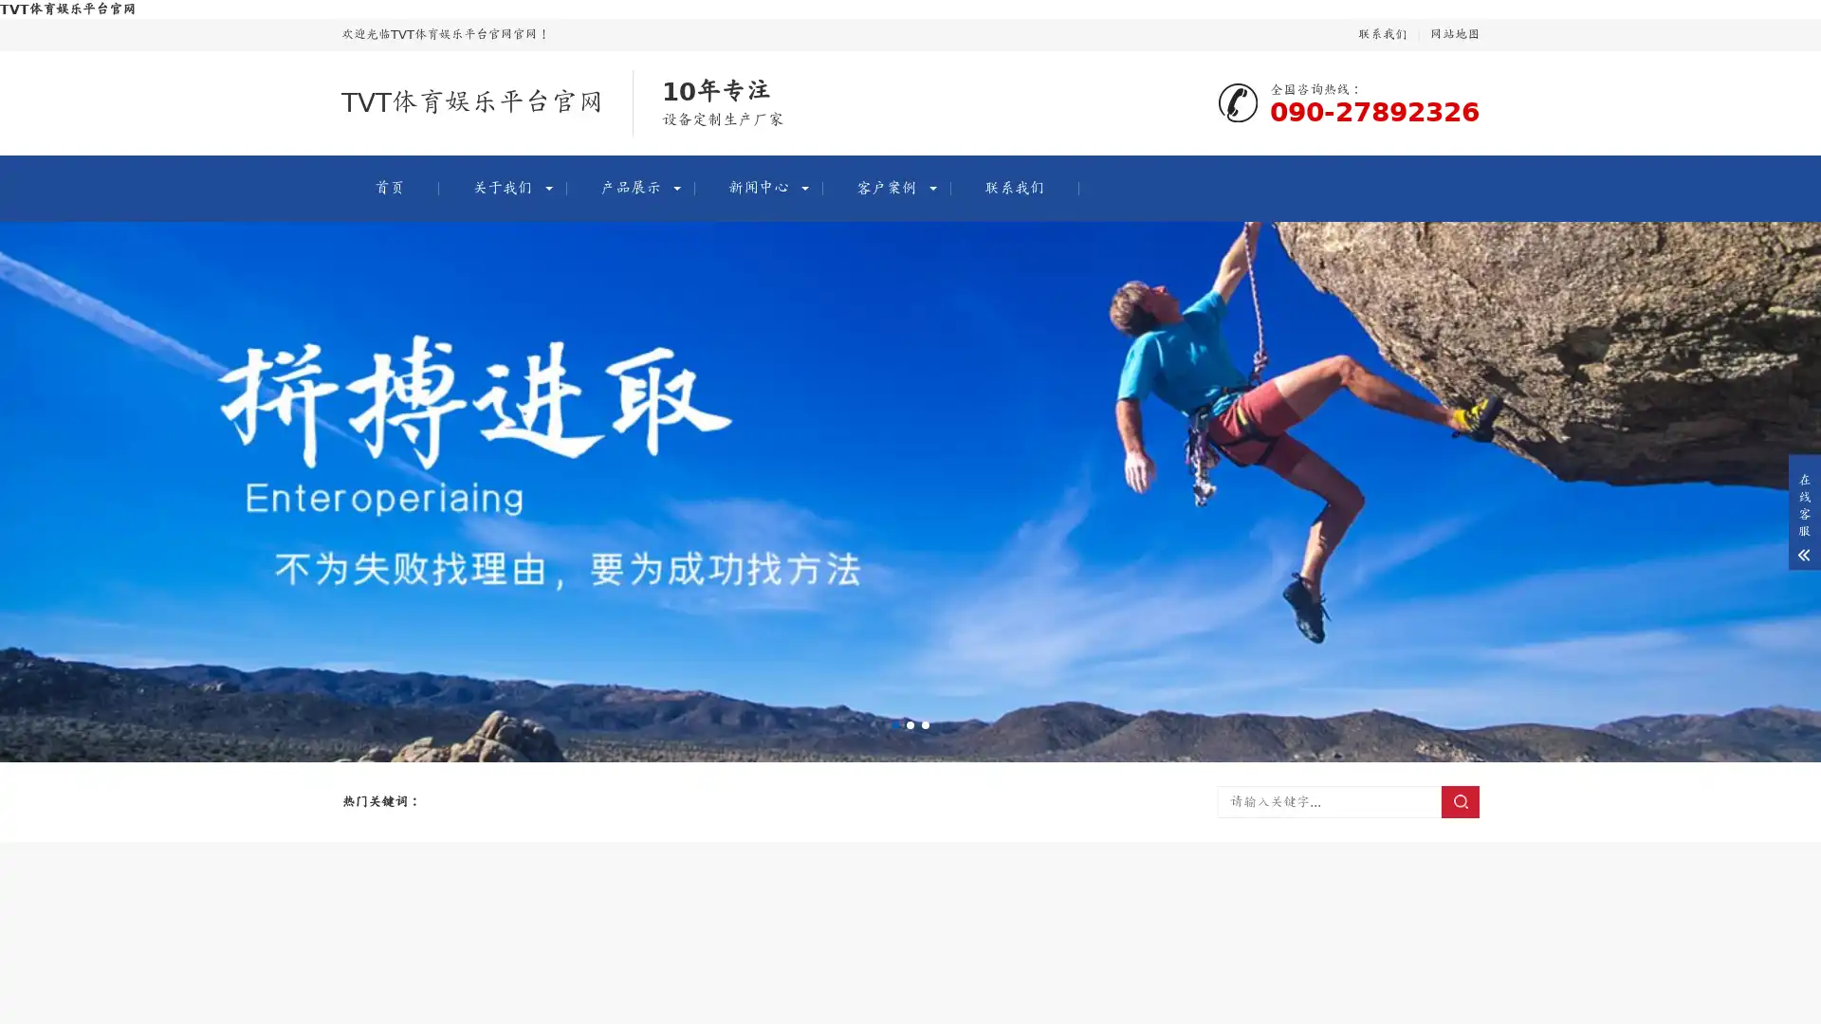 Image resolution: width=1821 pixels, height=1024 pixels. What do you see at coordinates (910, 724) in the screenshot?
I see `Go to slide 2` at bounding box center [910, 724].